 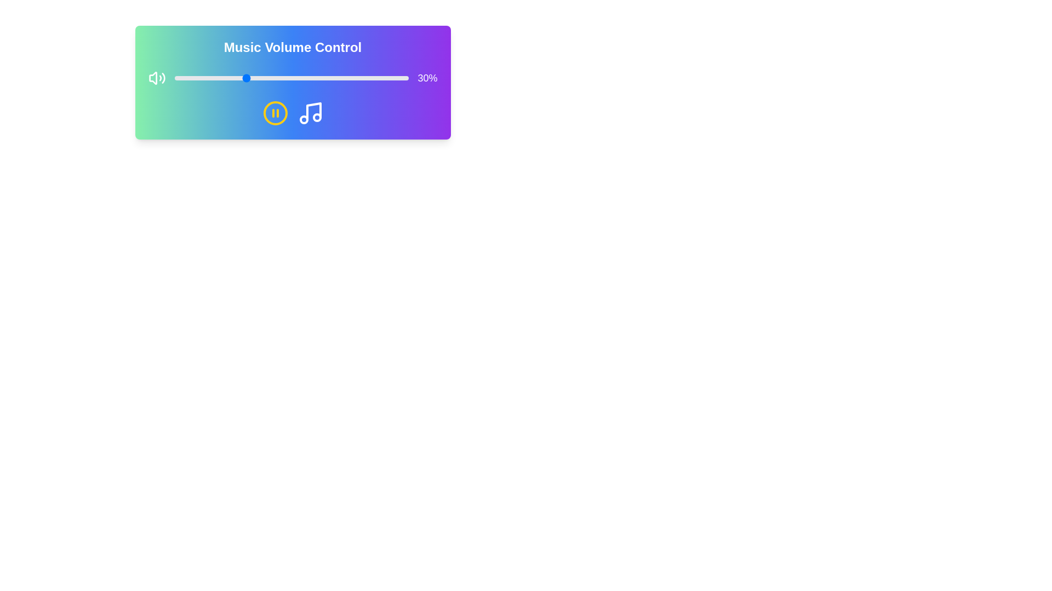 I want to click on the volume, so click(x=191, y=77).